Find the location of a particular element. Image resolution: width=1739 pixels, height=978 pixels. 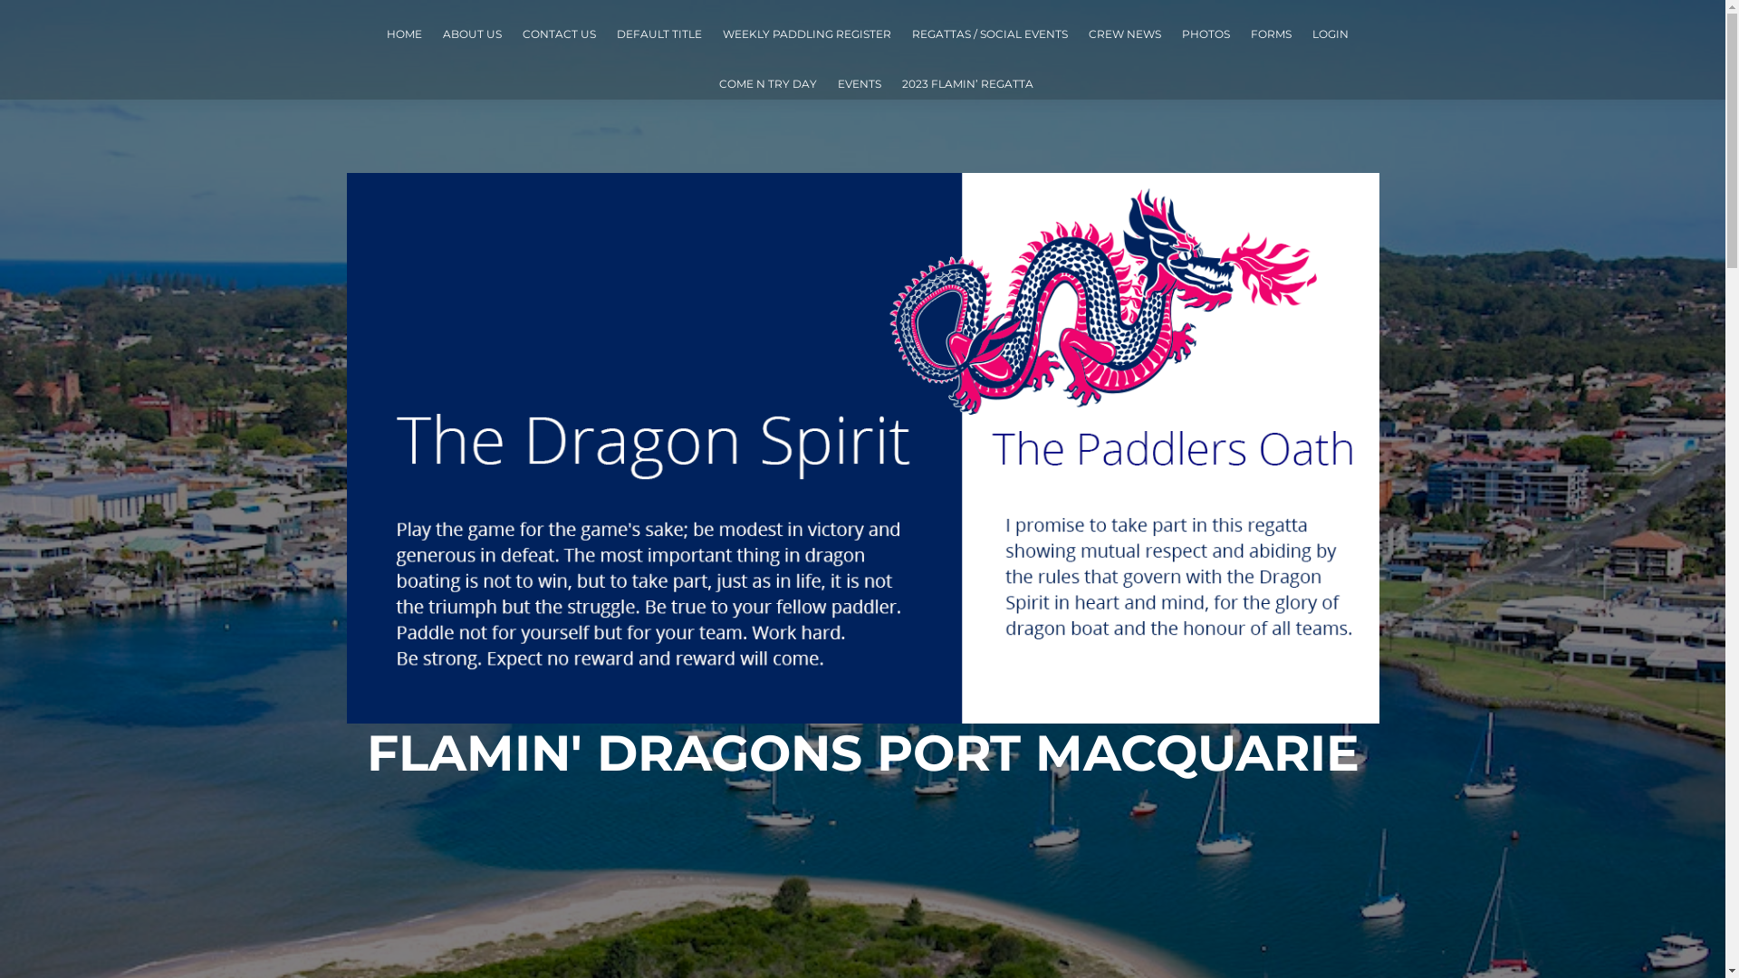

'COME N TRY DAY' is located at coordinates (717, 83).